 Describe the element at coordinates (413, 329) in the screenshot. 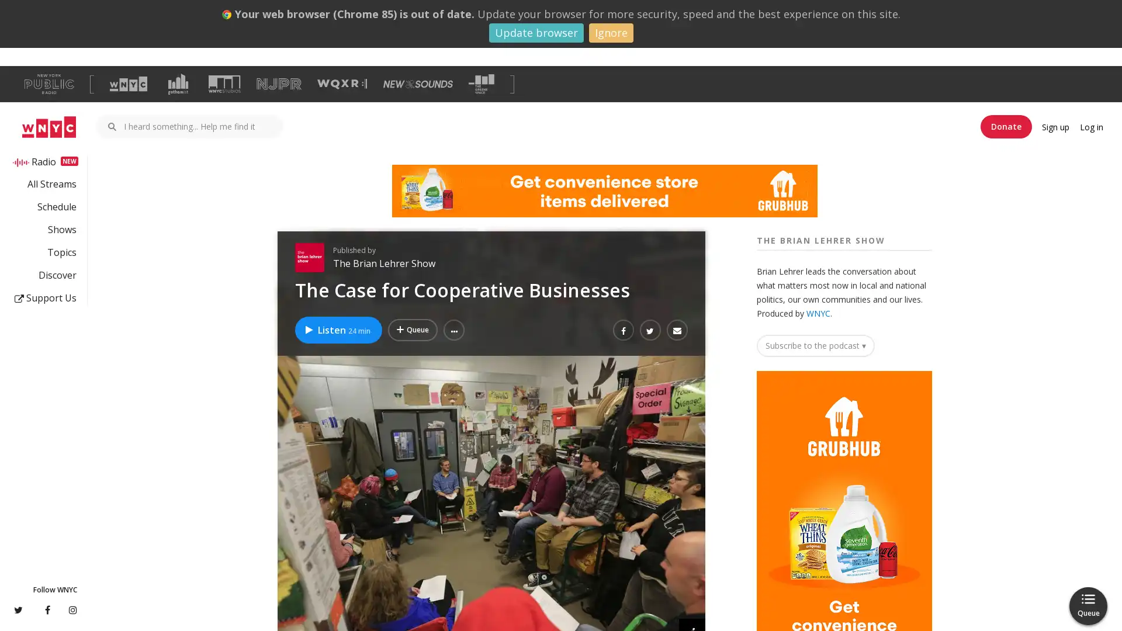

I see `Add The Case for Cooperative Businesses to Your Queue` at that location.